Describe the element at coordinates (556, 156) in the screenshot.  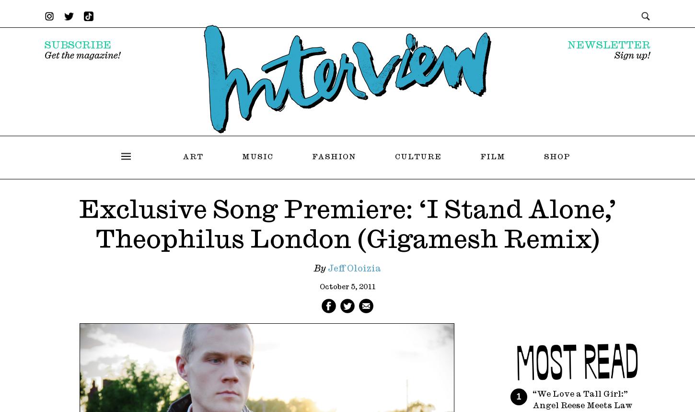
I see `'Shop'` at that location.